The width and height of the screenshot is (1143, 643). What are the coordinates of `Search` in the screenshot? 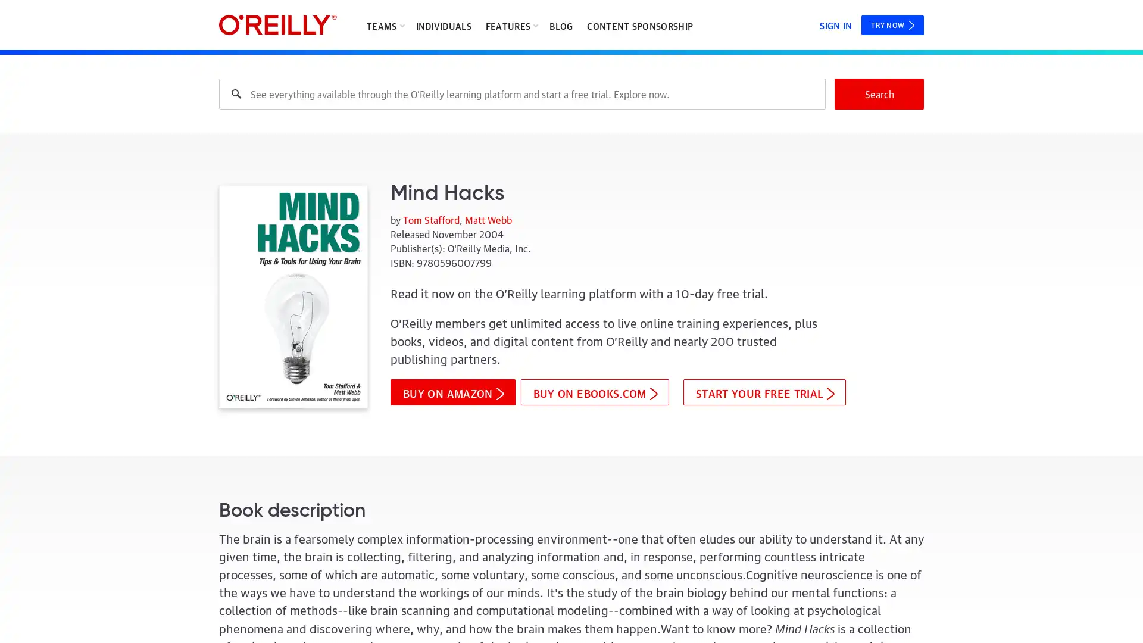 It's located at (879, 93).